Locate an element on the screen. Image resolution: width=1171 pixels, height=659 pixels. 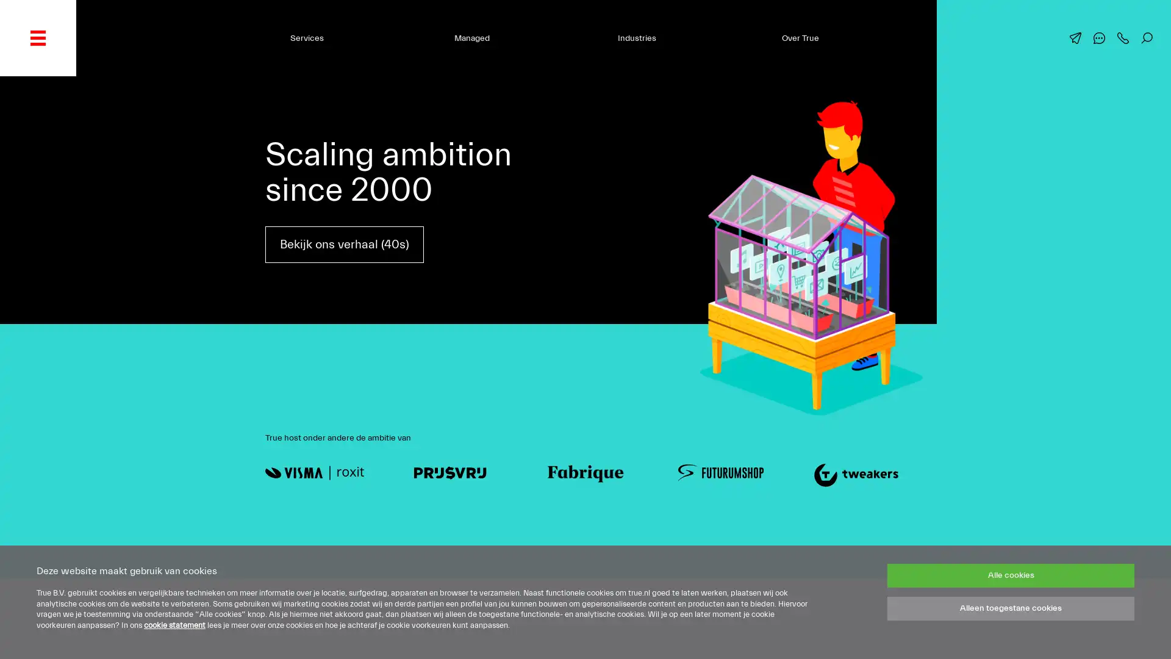
Bekijk ons verhaal (40s) is located at coordinates (344, 245).